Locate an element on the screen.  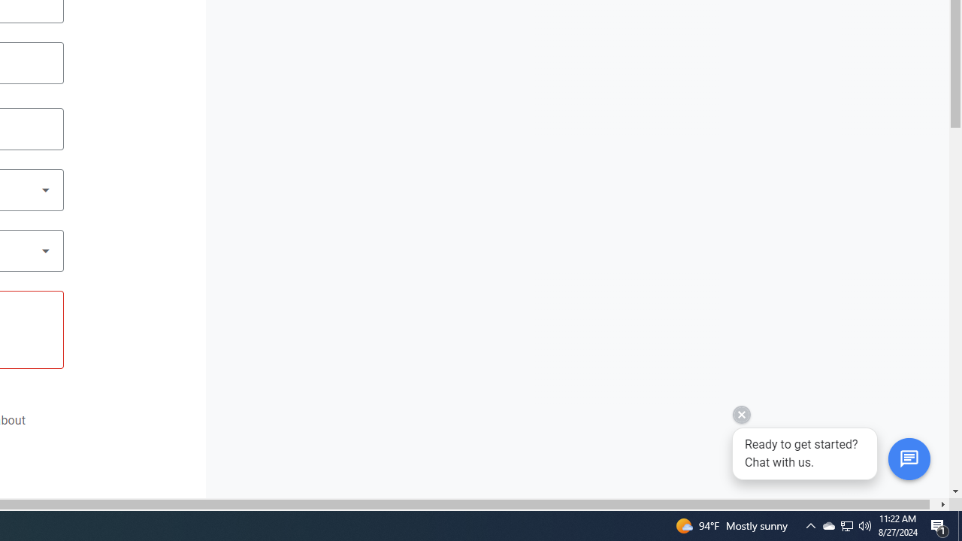
'Button to activate chat' is located at coordinates (908, 458).